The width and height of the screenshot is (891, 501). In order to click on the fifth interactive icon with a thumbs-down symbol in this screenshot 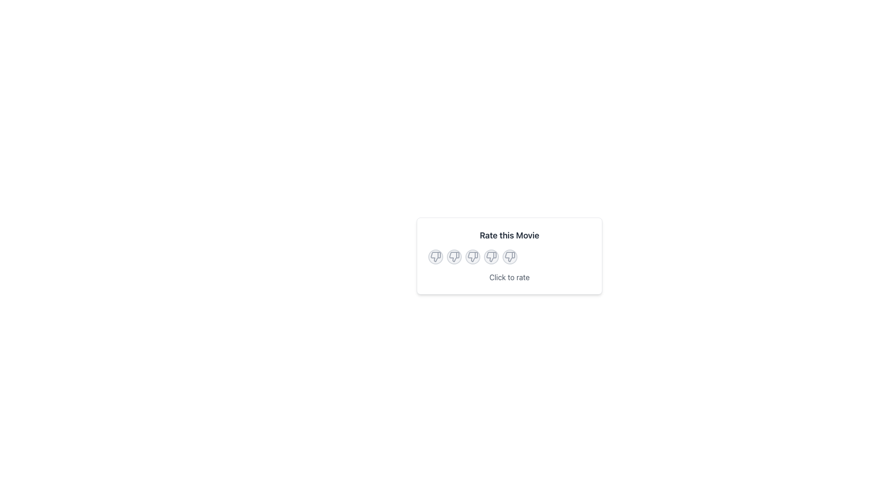, I will do `click(491, 257)`.